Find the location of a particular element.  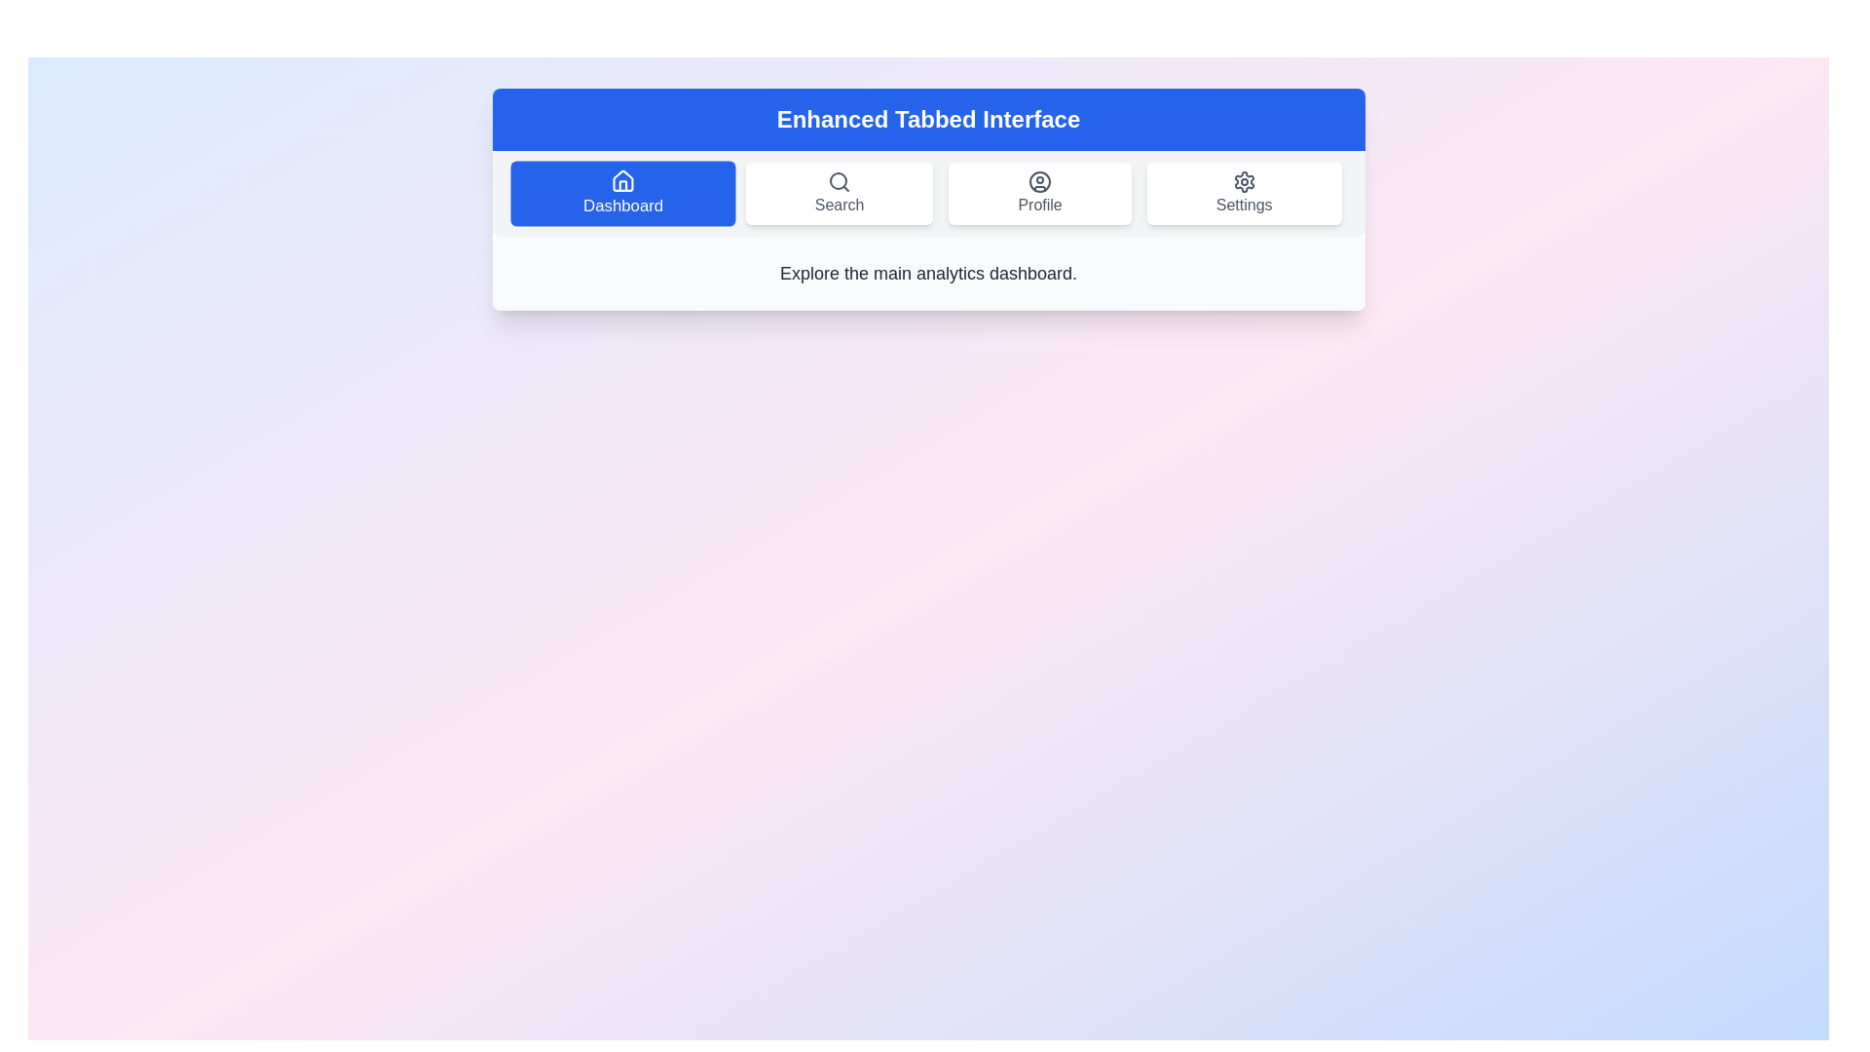

the title text element located at the top-center of the interface, which is positioned within a blue-colored background and serves as the header for the section is located at coordinates (927, 120).